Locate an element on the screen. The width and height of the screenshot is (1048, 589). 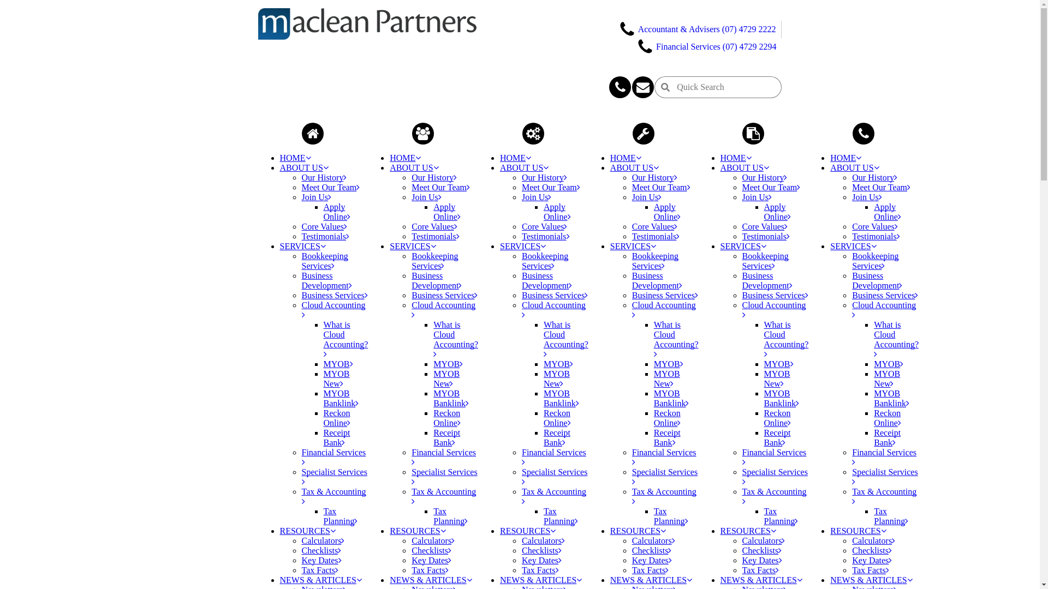
'MYOB Banklink' is located at coordinates (340, 398).